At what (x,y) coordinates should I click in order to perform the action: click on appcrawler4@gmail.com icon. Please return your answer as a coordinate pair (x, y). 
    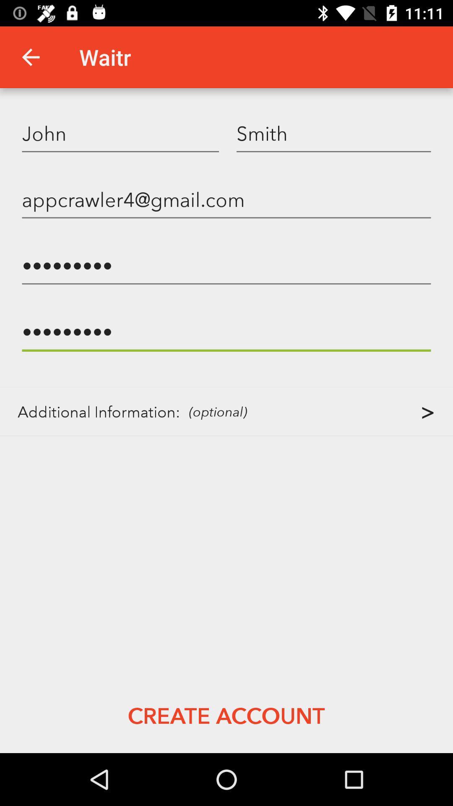
    Looking at the image, I should click on (226, 199).